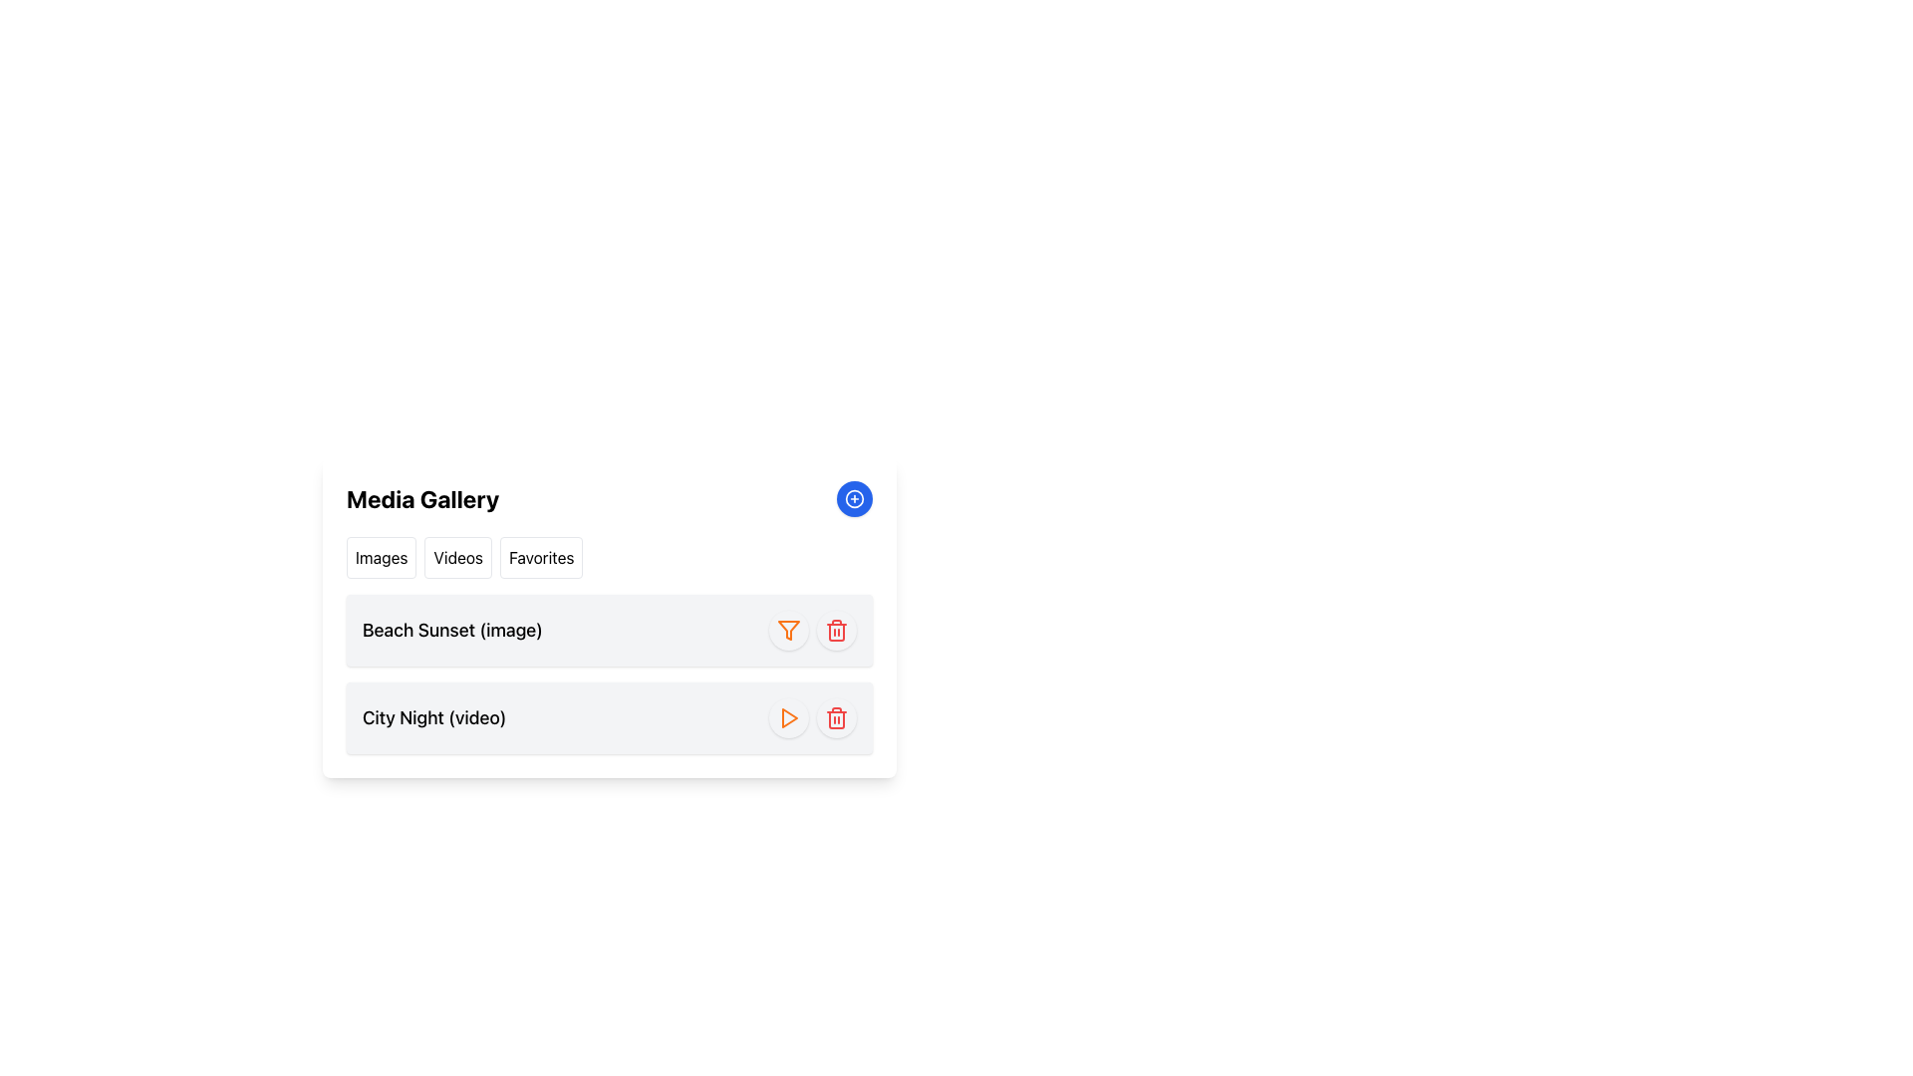 This screenshot has height=1076, width=1913. I want to click on the filtration icon located at the top-right of the interface adjacent to the navigation bar in the 'Media Gallery', so click(788, 630).